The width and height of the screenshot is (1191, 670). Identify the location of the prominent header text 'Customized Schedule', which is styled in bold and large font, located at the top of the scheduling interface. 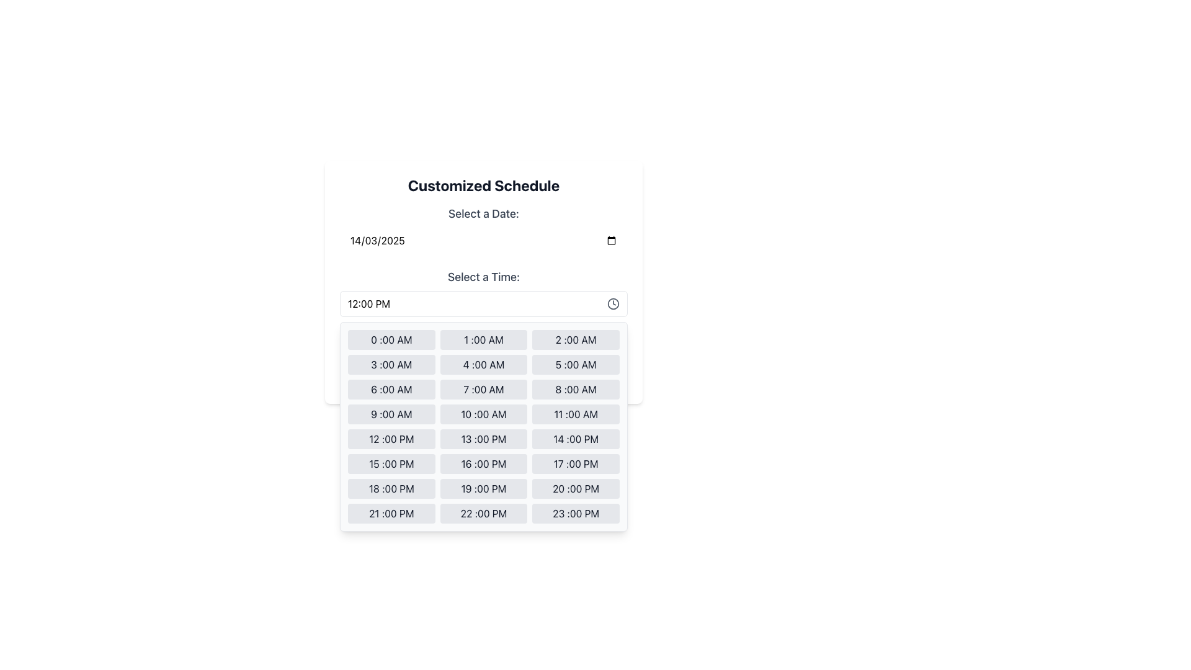
(483, 185).